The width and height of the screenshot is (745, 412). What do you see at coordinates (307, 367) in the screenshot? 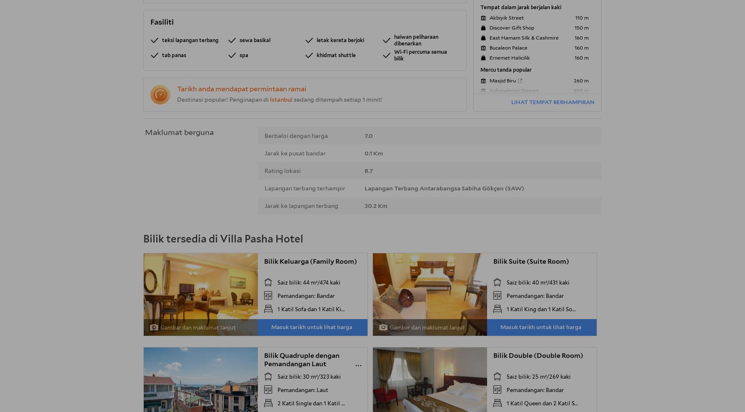
I see `'Bilik Quadruple dengan Pemandangan Laut (Quadruple Room with Sea View)'` at bounding box center [307, 367].